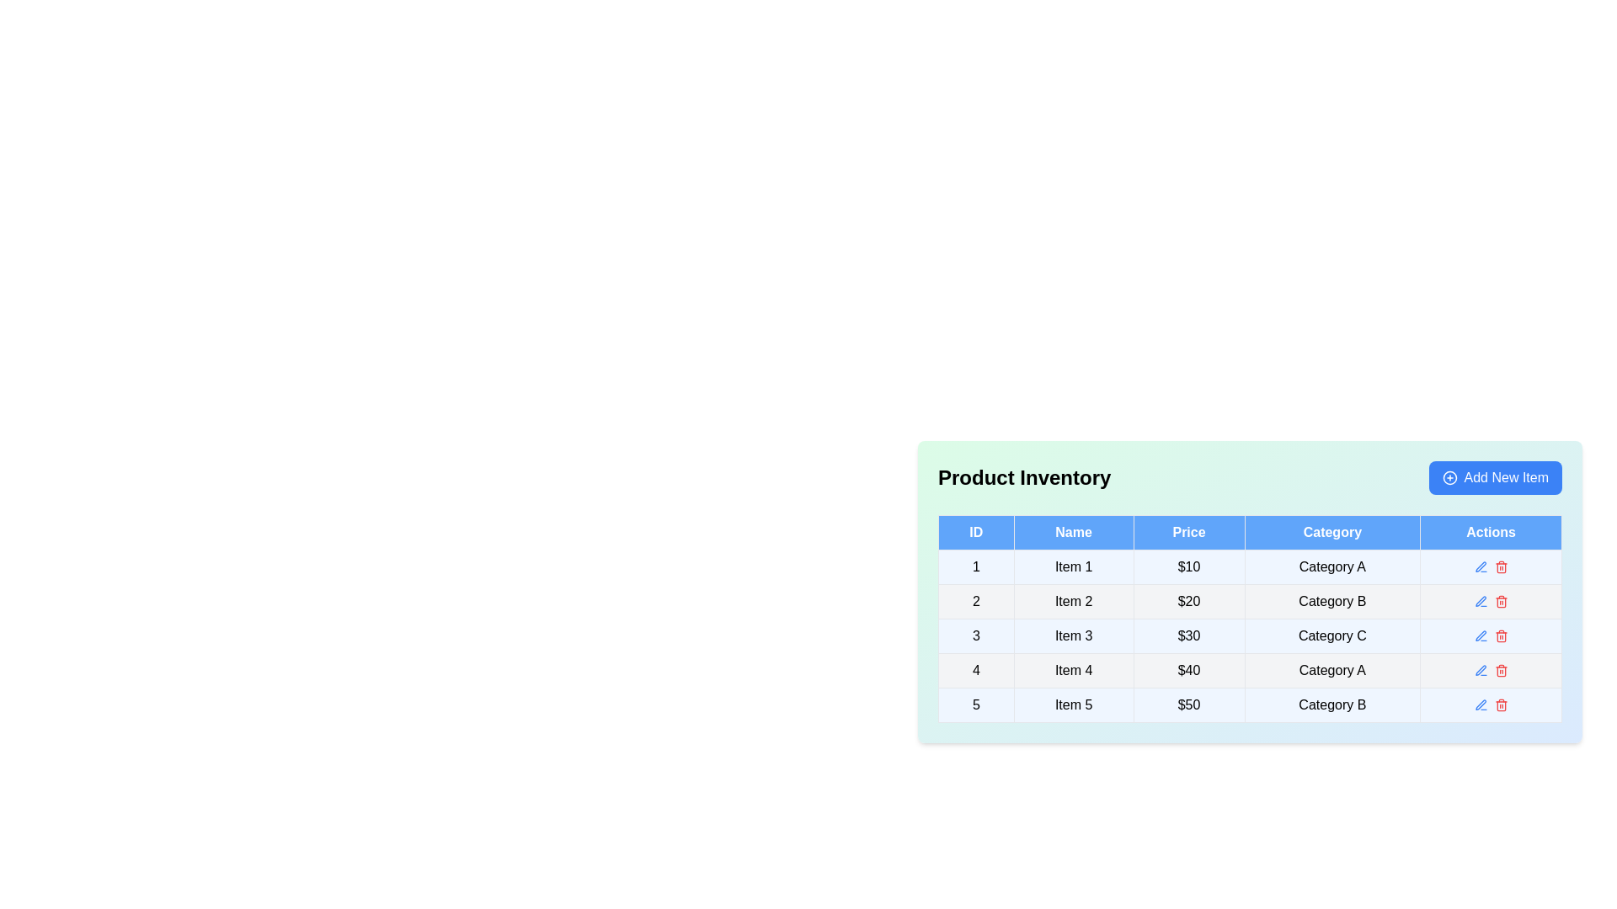  I want to click on text 'Category B' from the fourth cell in the second row of the table under the 'Category' header, which is a rectangular cell with a light background and black text, so click(1331, 600).